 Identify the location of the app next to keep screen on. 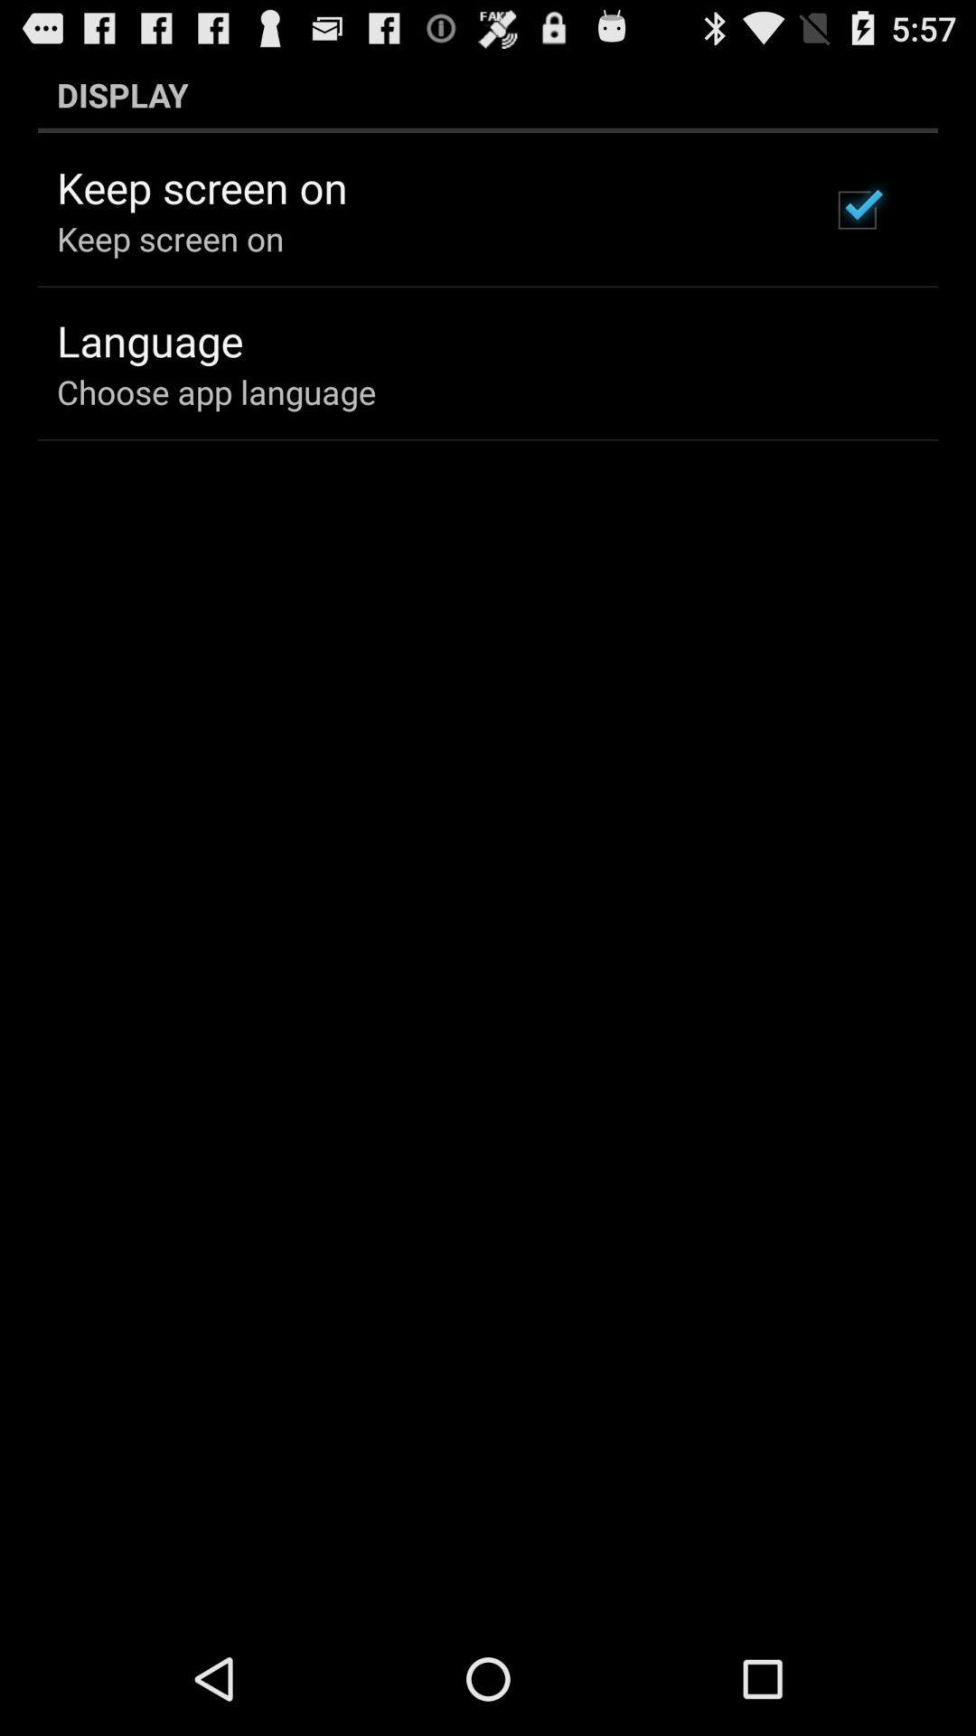
(856, 210).